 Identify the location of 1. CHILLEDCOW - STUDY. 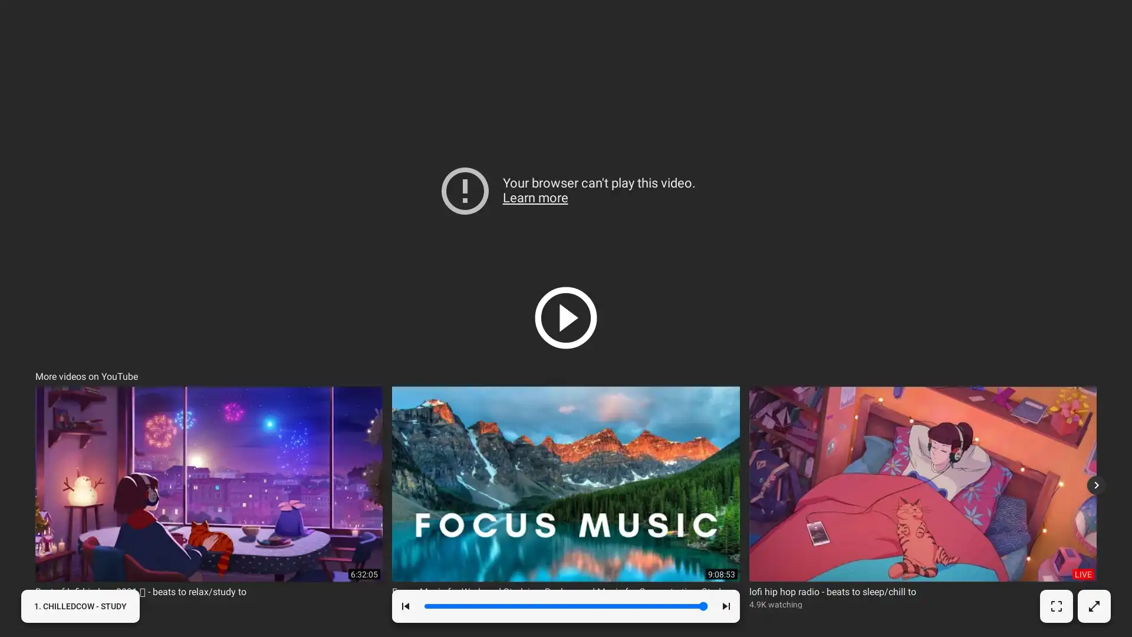
(80, 606).